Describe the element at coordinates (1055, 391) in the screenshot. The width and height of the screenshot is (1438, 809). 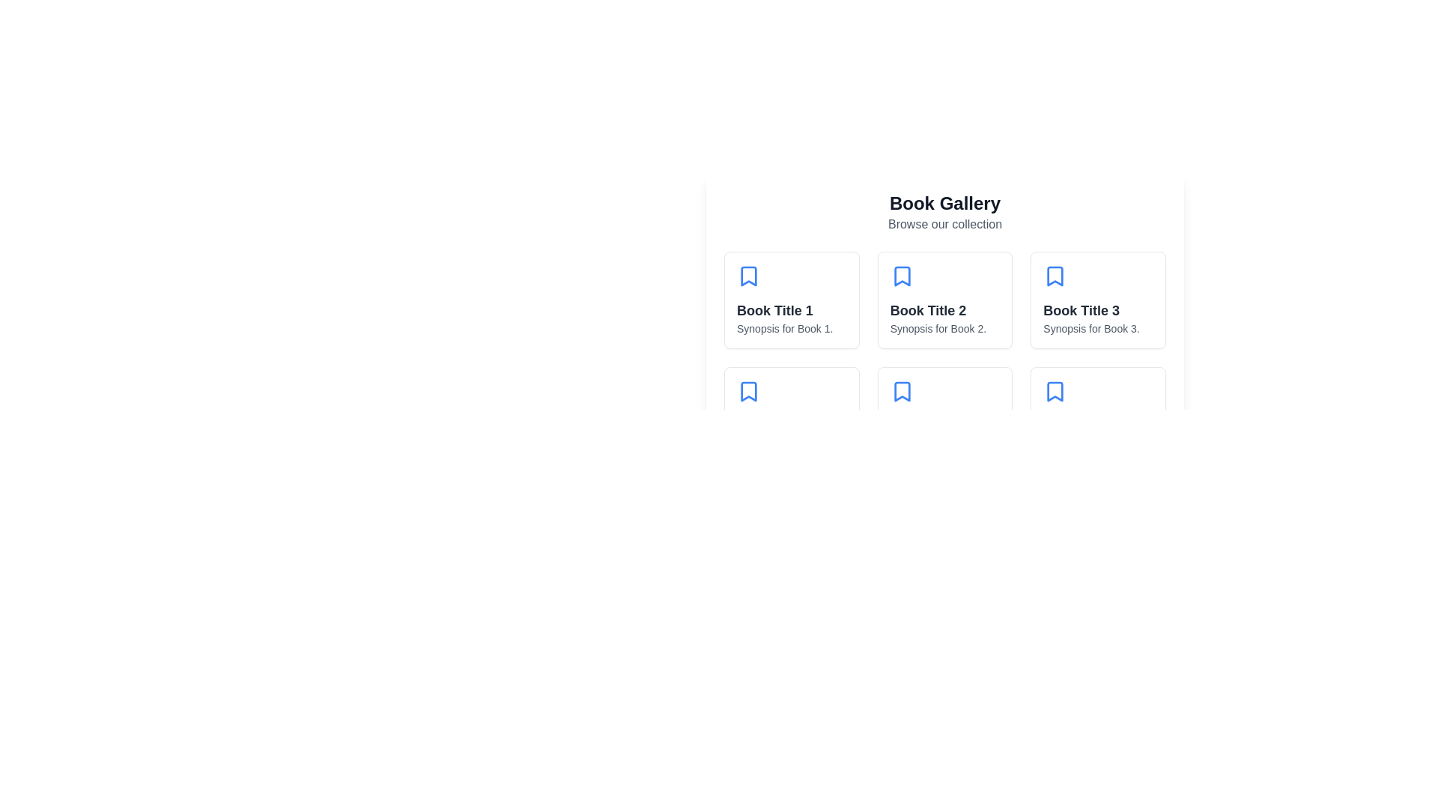
I see `the bookmark icon located at the top-left corner of the card for 'Book Title 6', which is positioned in the bottom row of the grid layout` at that location.